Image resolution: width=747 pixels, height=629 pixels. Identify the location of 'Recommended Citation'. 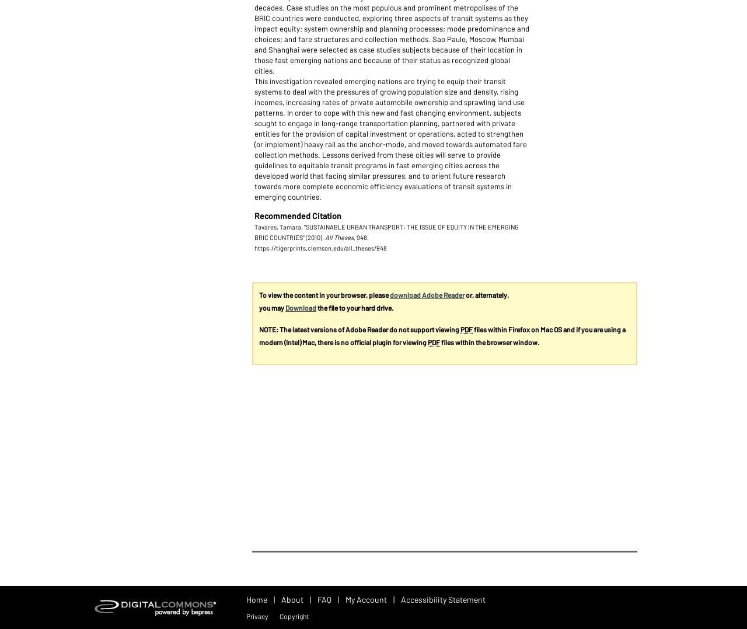
(253, 214).